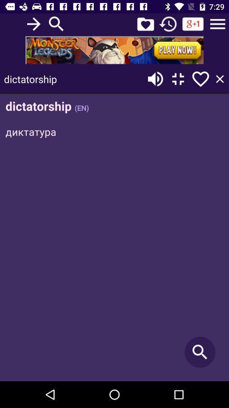 The width and height of the screenshot is (229, 408). I want to click on the fullscreen icon, so click(178, 79).